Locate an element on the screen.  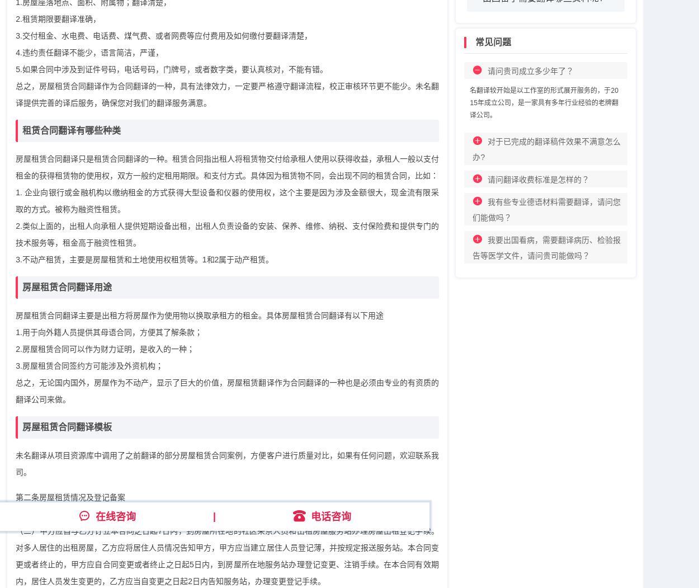
'（一）租赁用途为居住，居住人数为4人。' is located at coordinates (88, 514).